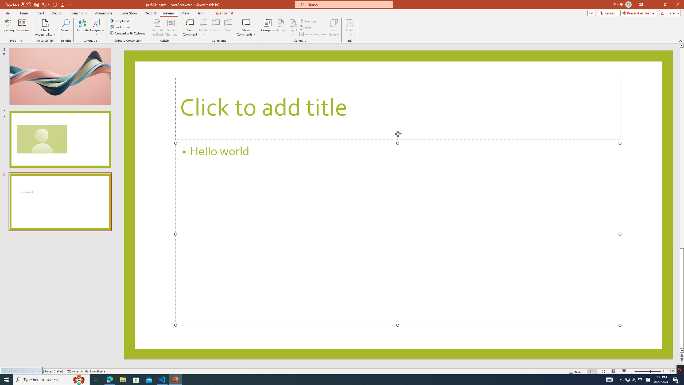  Describe the element at coordinates (45, 22) in the screenshot. I see `'Check Accessibility'` at that location.